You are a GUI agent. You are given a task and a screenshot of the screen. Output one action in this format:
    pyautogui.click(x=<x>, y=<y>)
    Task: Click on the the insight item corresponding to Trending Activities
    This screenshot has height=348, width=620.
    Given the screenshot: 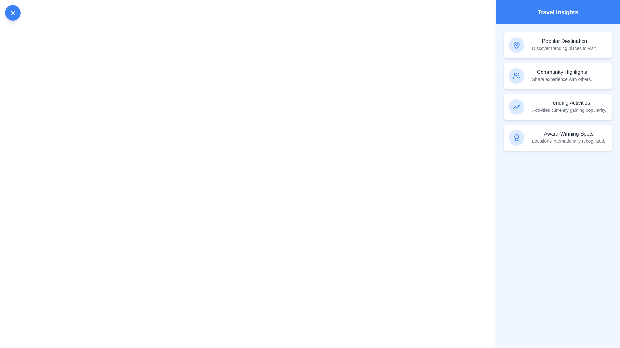 What is the action you would take?
    pyautogui.click(x=558, y=106)
    